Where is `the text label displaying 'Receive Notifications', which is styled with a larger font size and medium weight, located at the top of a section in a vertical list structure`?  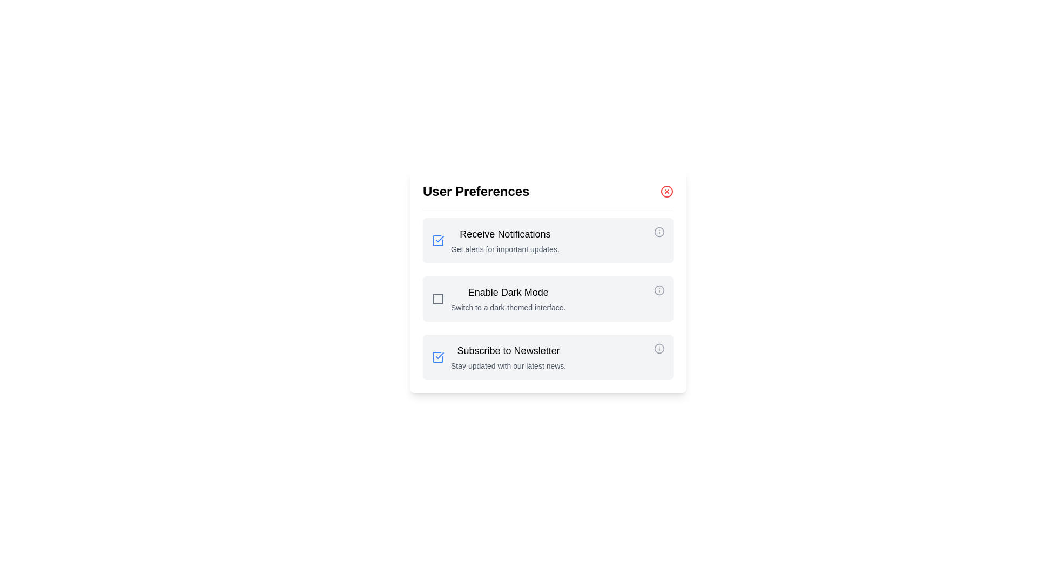 the text label displaying 'Receive Notifications', which is styled with a larger font size and medium weight, located at the top of a section in a vertical list structure is located at coordinates (504, 234).